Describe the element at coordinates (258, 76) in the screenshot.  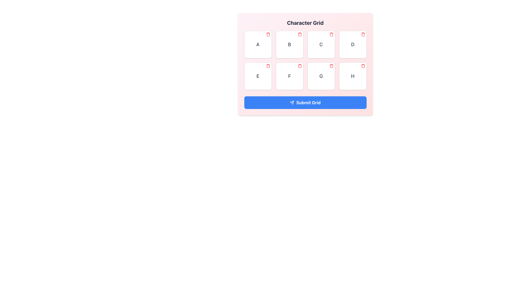
I see `the white square grid cell in the second row and first column, which contains a bold letter 'E'` at that location.